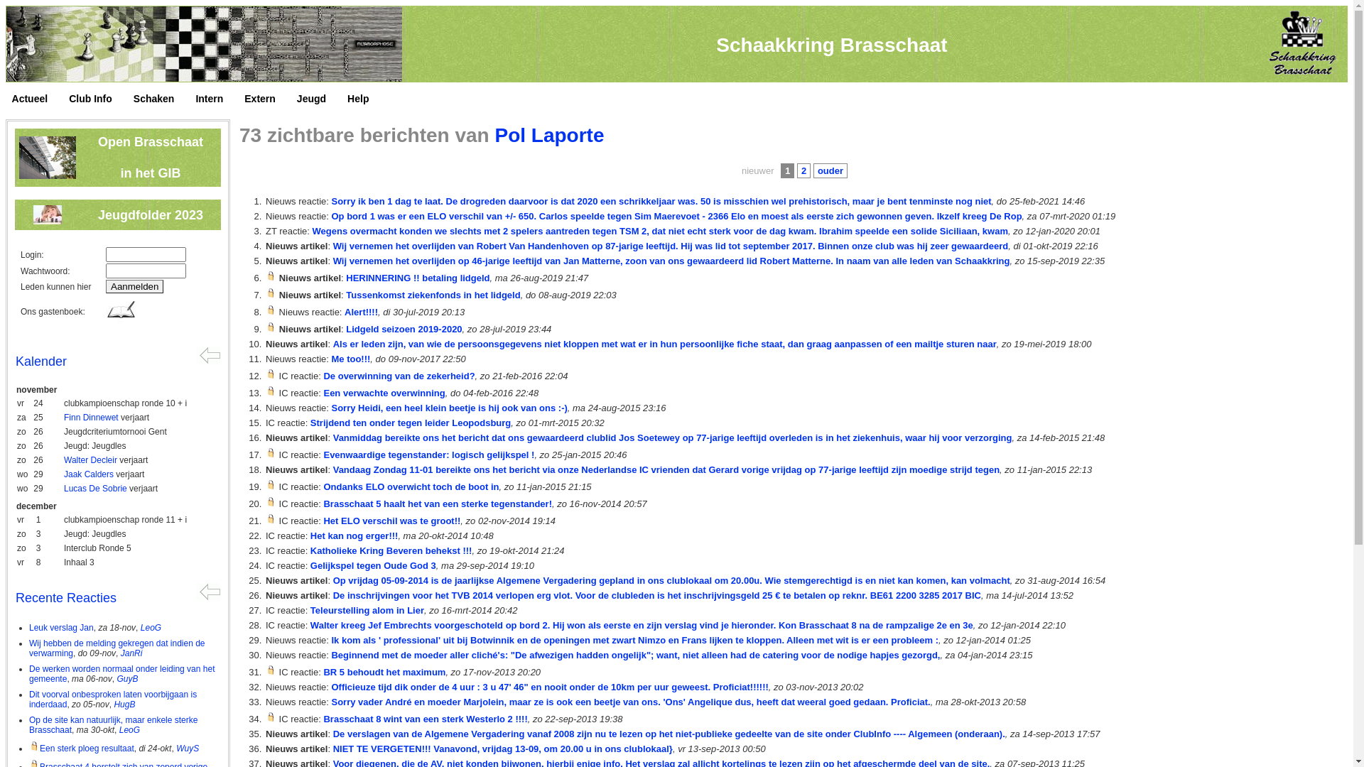  I want to click on 'Teleurstelling alom in Lier', so click(309, 609).